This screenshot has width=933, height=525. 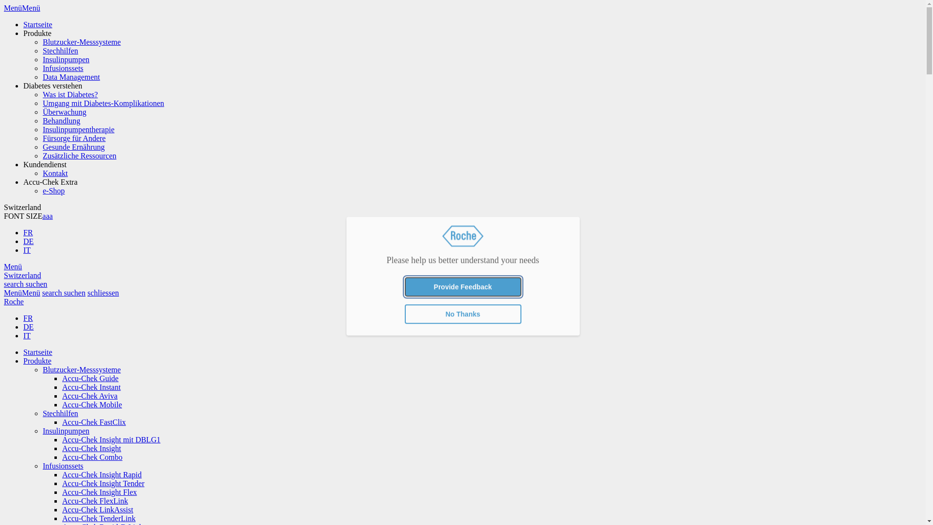 What do you see at coordinates (41, 215) in the screenshot?
I see `'a'` at bounding box center [41, 215].